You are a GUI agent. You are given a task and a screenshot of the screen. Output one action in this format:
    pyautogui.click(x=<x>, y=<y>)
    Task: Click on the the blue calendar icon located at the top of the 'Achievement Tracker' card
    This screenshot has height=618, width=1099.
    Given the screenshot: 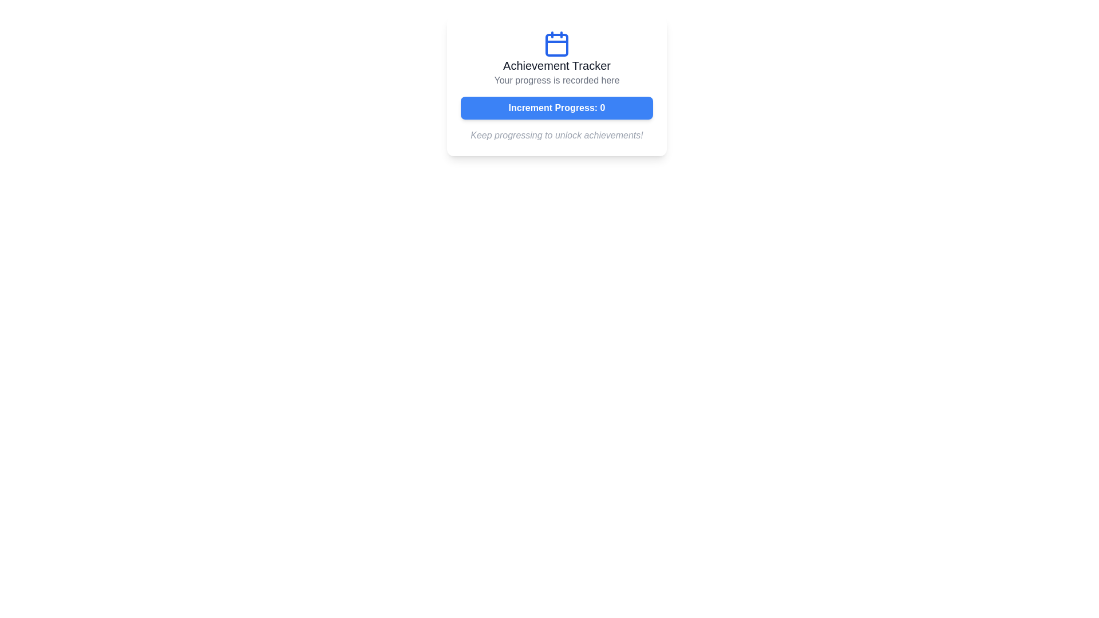 What is the action you would take?
    pyautogui.click(x=557, y=43)
    